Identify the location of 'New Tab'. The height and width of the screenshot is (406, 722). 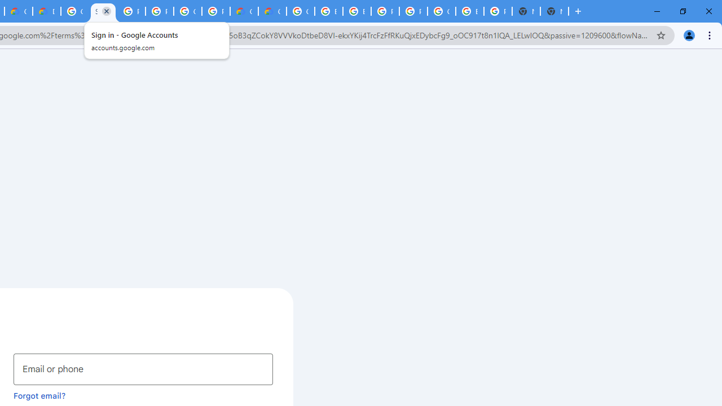
(554, 11).